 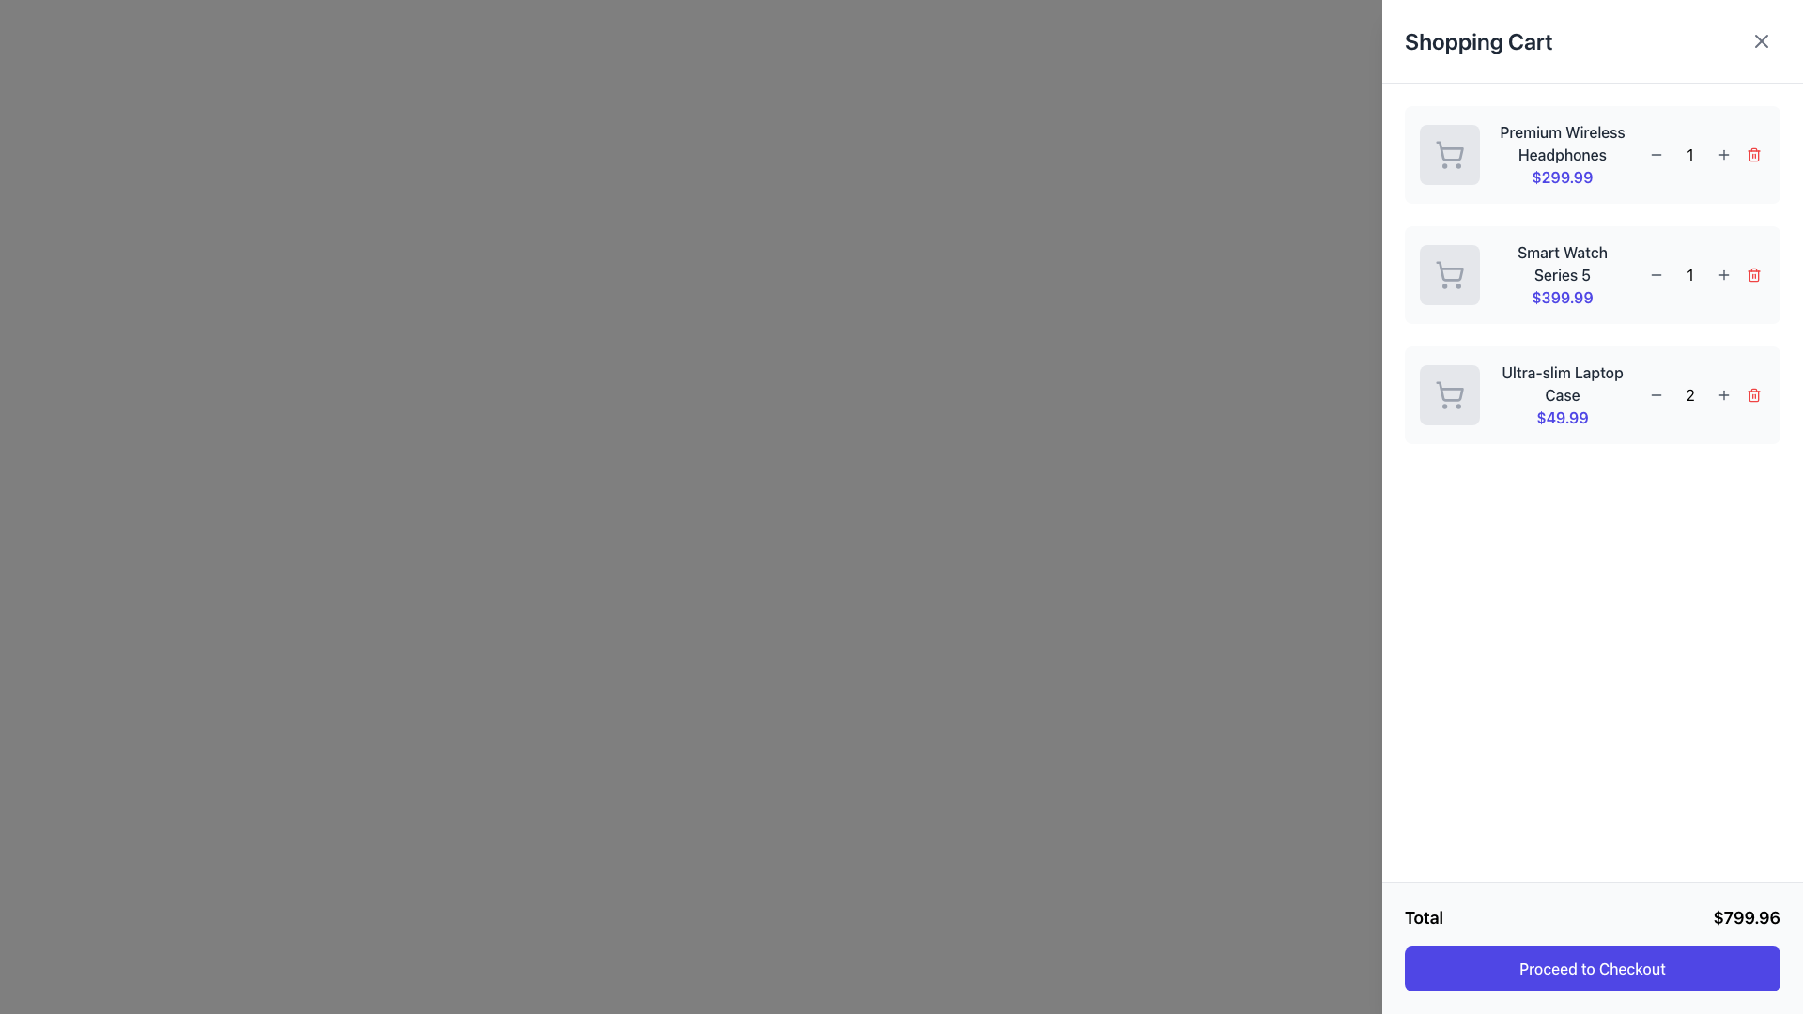 I want to click on the 'Proceed to Checkout' button located at the bottom of the interface, so click(x=1591, y=948).